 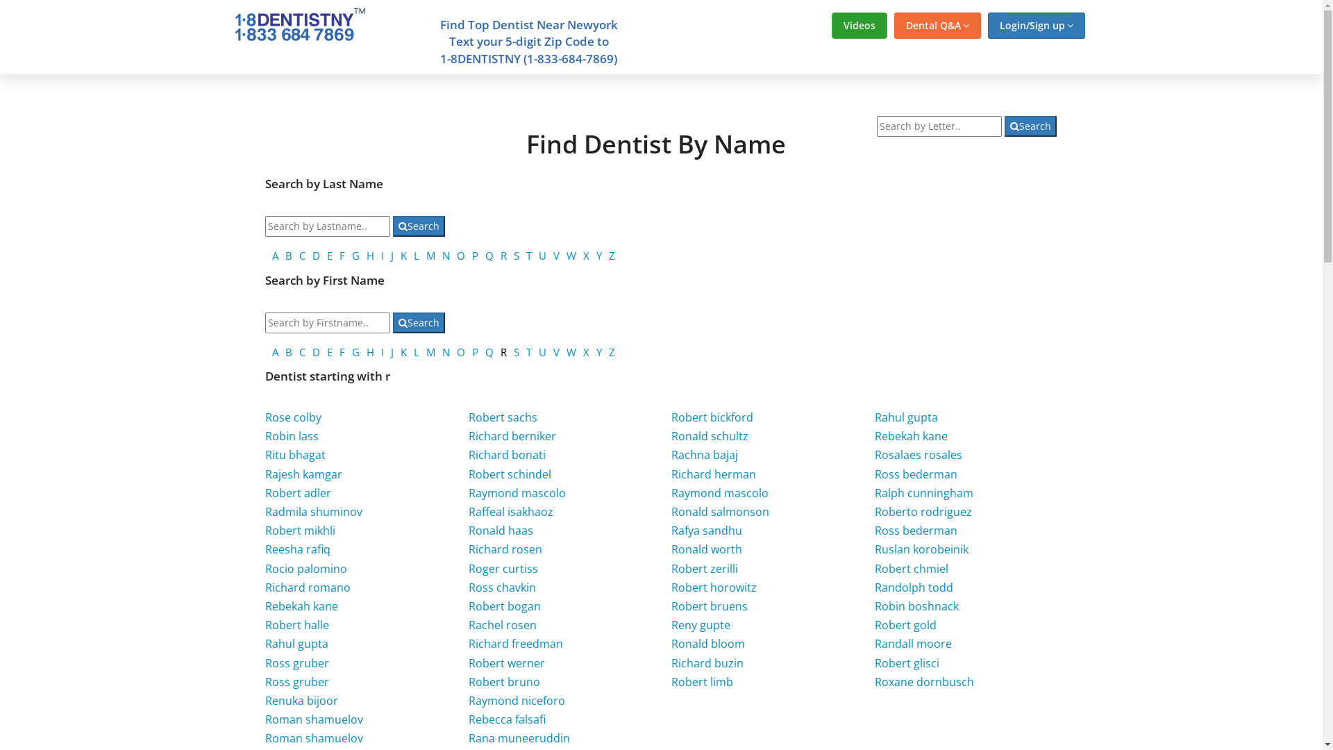 I want to click on 'T', so click(x=526, y=351).